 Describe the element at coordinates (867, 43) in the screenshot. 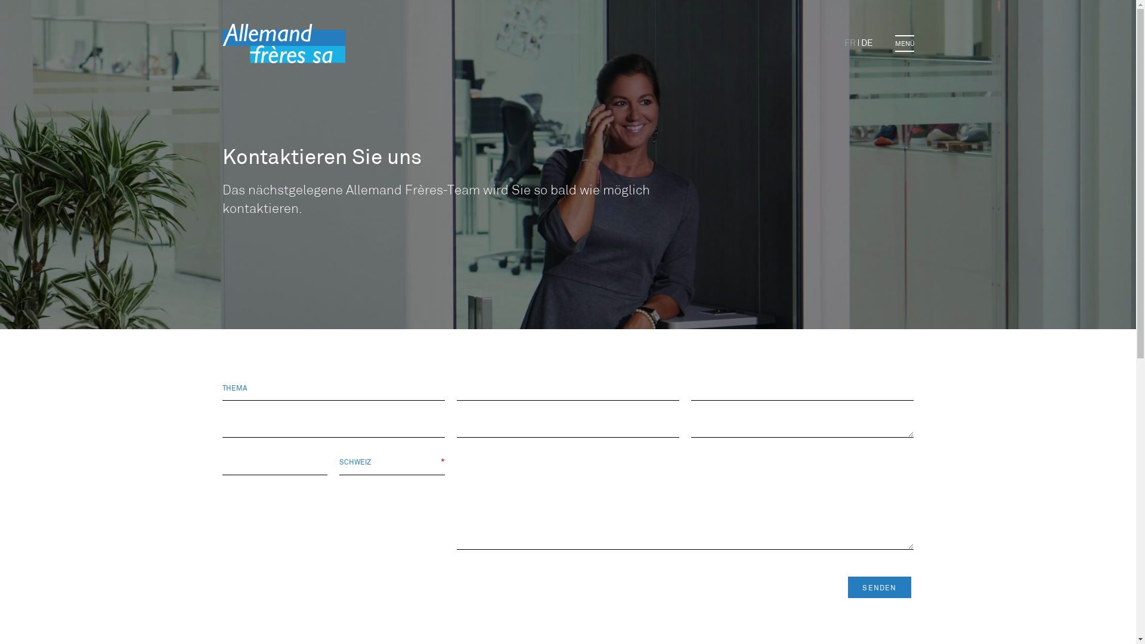

I see `'DE'` at that location.